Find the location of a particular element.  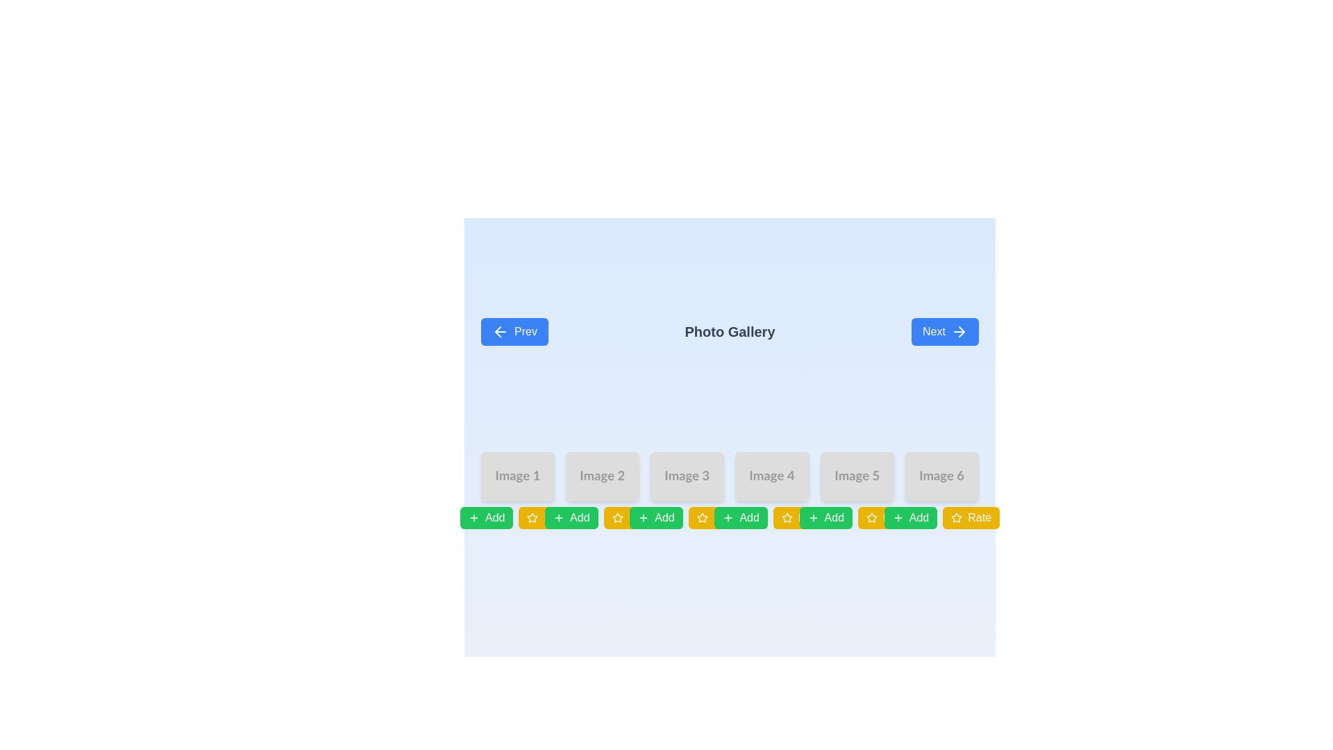

the text label embedded in the rightmost button labeled 'Rate' with a star icon under 'Image 6' in the gallery is located at coordinates (979, 517).